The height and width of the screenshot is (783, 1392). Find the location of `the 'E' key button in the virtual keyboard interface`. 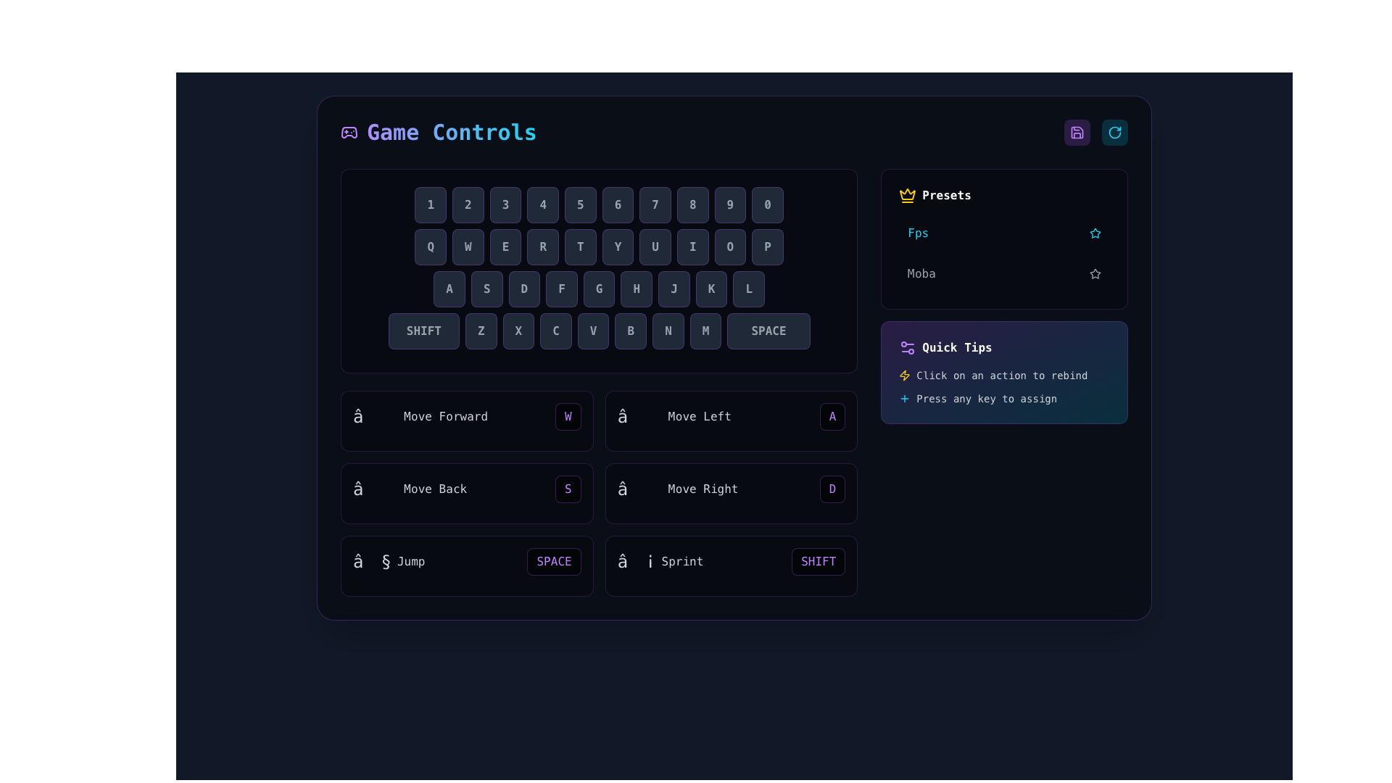

the 'E' key button in the virtual keyboard interface is located at coordinates (505, 246).